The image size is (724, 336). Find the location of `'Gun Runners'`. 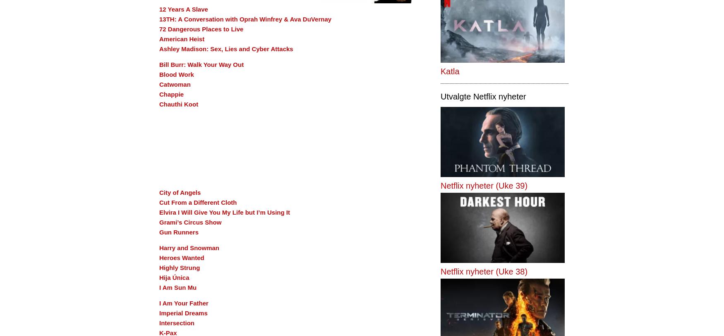

'Gun Runners' is located at coordinates (178, 232).